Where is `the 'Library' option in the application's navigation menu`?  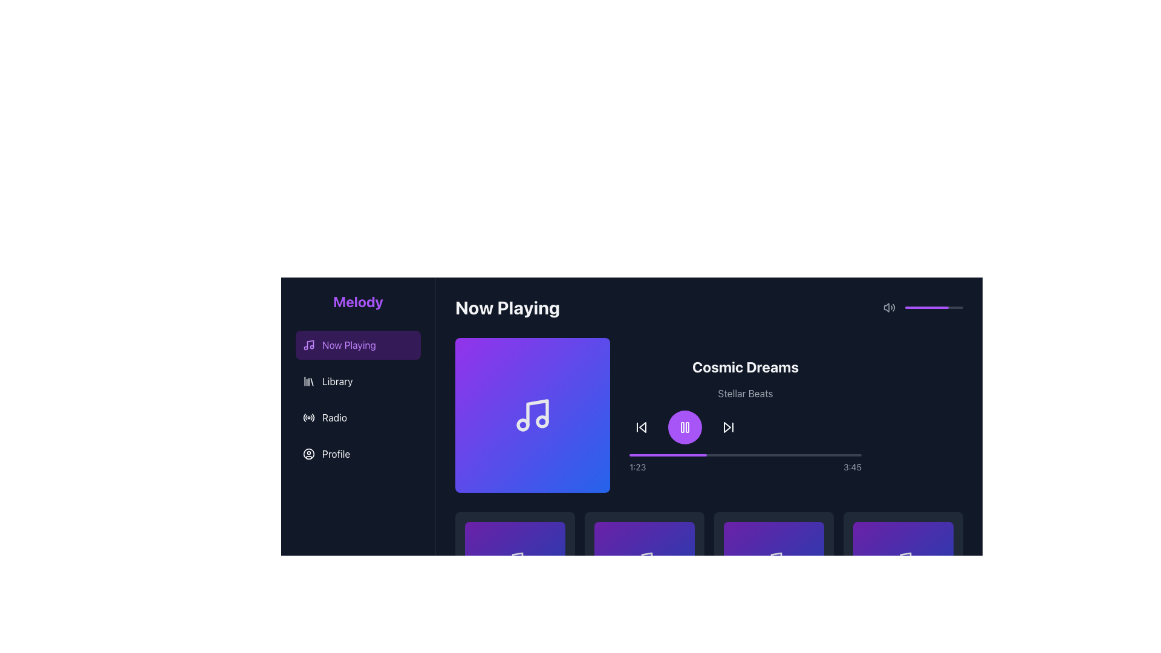
the 'Library' option in the application's navigation menu is located at coordinates (357, 399).